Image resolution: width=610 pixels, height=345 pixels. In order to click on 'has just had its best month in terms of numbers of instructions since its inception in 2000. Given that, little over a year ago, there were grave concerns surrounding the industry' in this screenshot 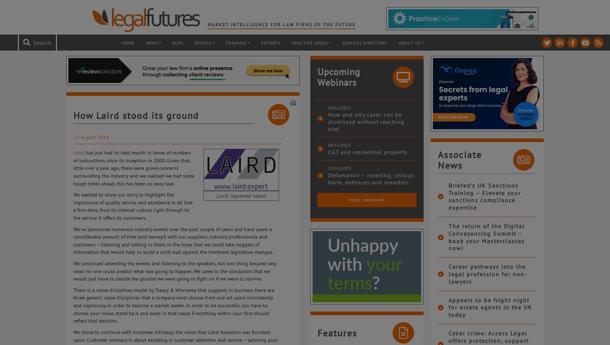, I will do `click(132, 164)`.